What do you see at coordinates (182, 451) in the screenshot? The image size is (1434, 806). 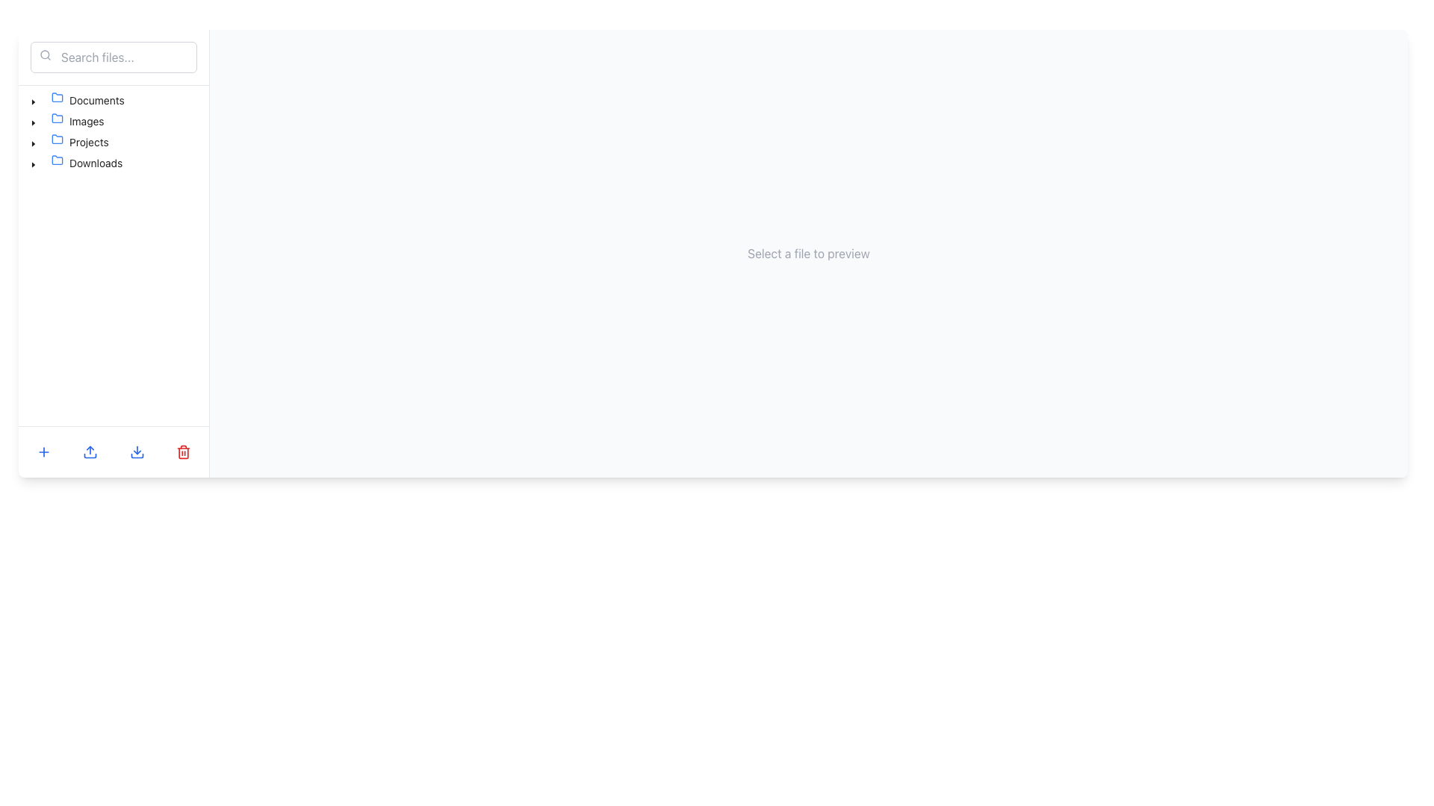 I see `the delete button located at the bottom right corner of the button row` at bounding box center [182, 451].